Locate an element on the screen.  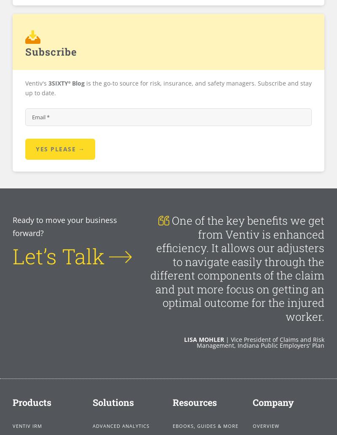
'Lisa Mohler' is located at coordinates (203, 339).